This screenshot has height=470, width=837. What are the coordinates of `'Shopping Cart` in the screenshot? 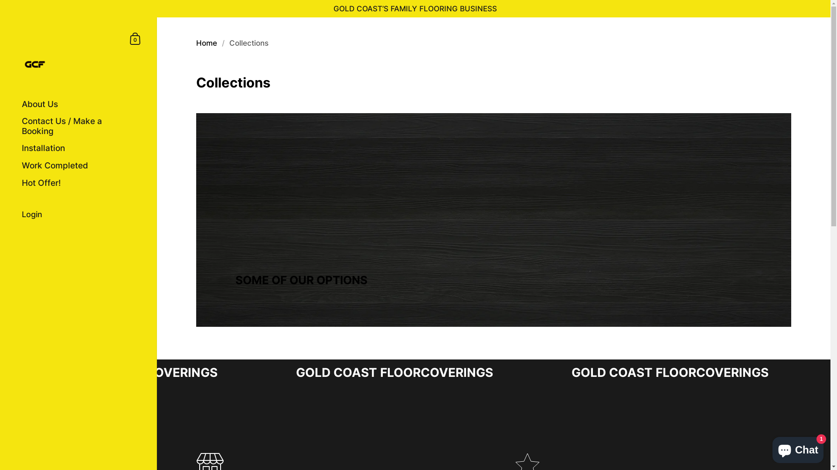 It's located at (135, 38).